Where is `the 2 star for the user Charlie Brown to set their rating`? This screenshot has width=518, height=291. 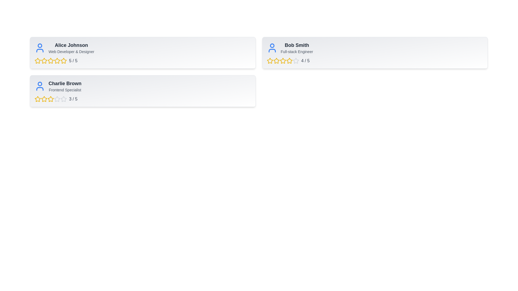 the 2 star for the user Charlie Brown to set their rating is located at coordinates (44, 99).